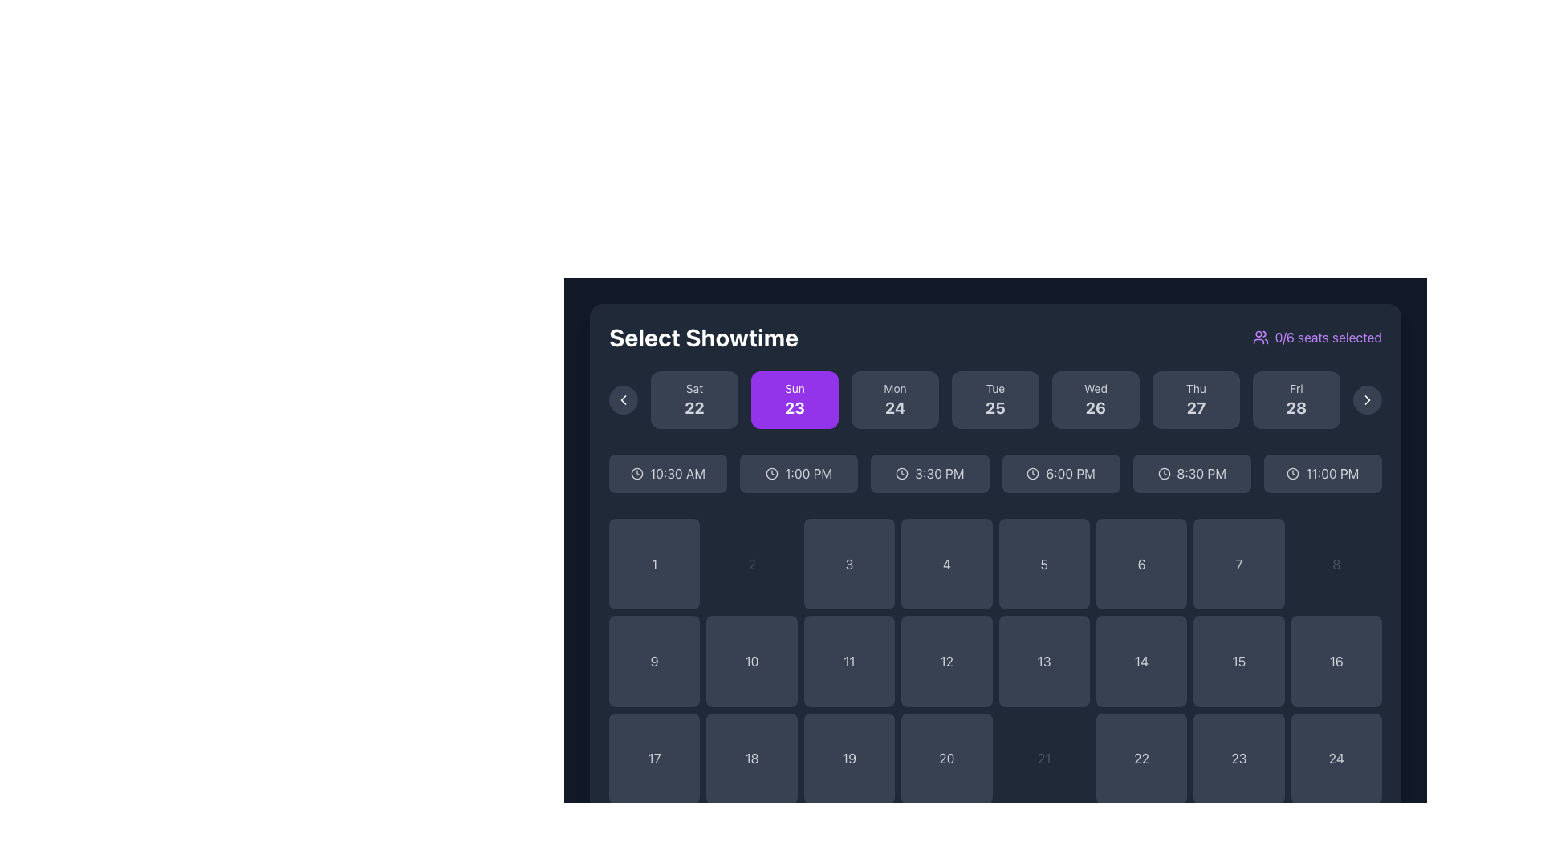 The width and height of the screenshot is (1541, 866). I want to click on the numeric text label '24' displayed in a large, bold font against a dark background, so click(894, 407).